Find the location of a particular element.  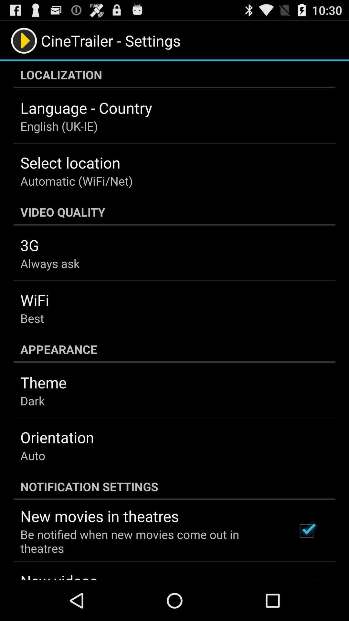

the icon above wifi is located at coordinates (49, 263).